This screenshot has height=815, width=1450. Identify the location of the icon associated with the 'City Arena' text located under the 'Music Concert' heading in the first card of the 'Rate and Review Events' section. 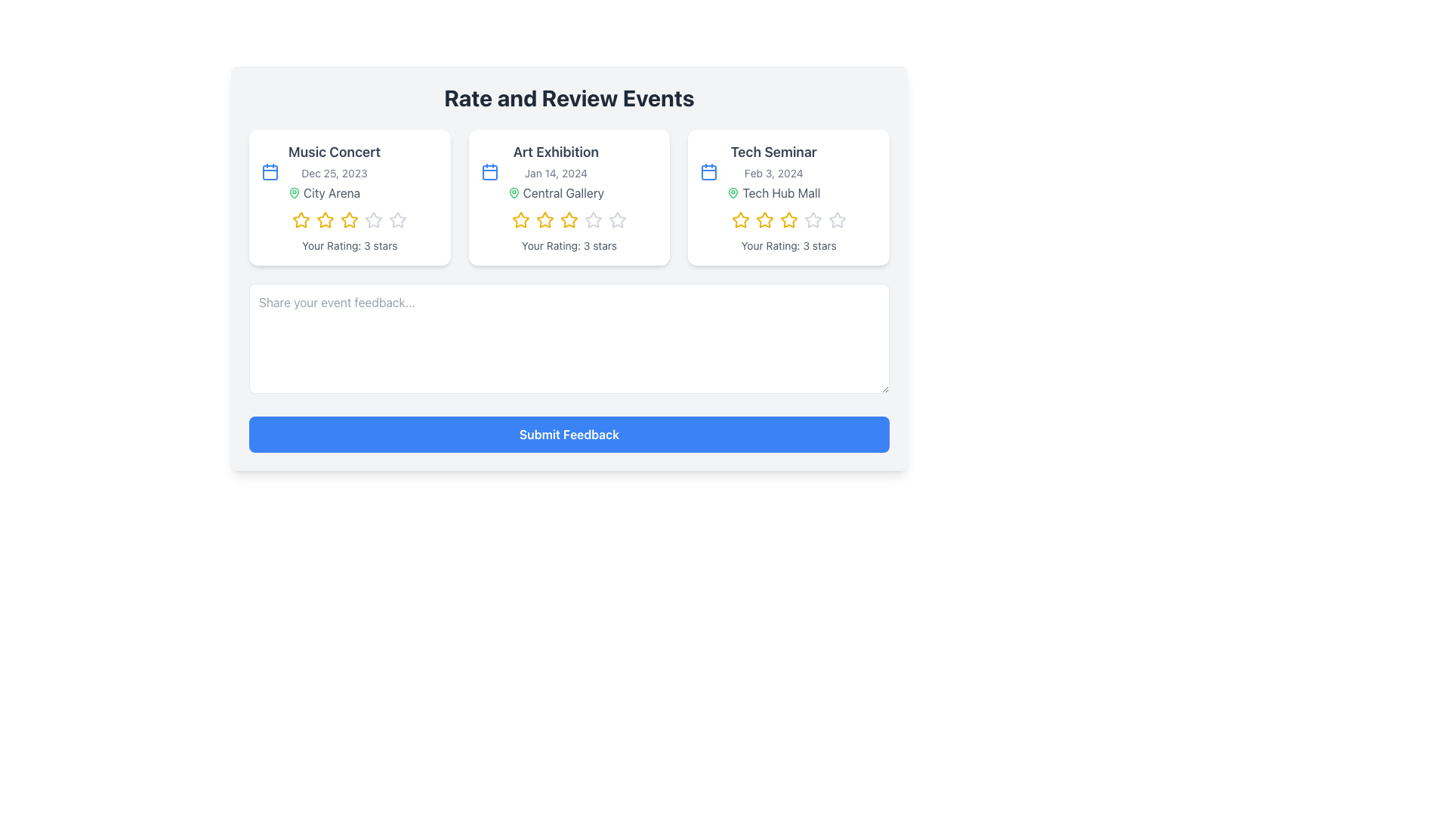
(294, 192).